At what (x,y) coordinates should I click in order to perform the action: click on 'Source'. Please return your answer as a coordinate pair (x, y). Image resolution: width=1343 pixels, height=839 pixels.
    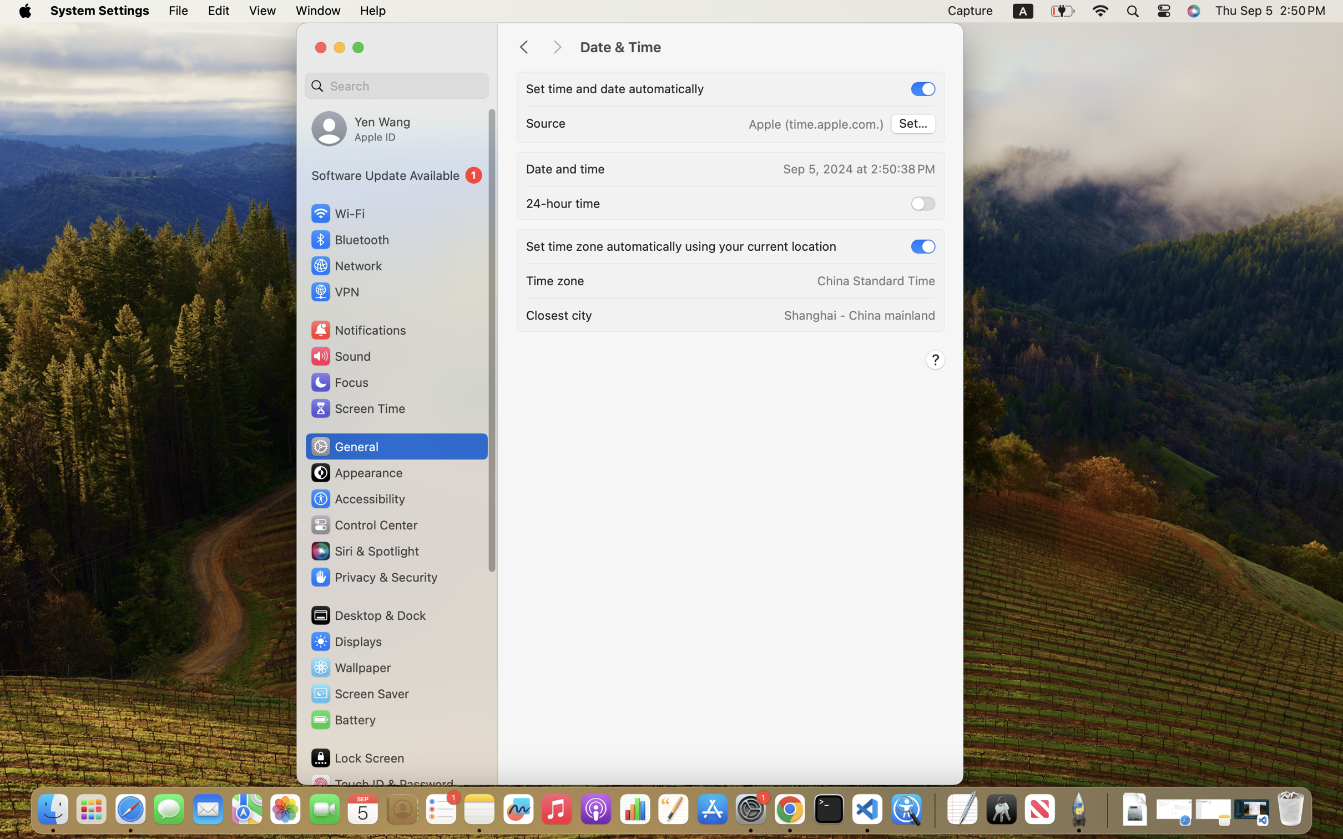
    Looking at the image, I should click on (546, 123).